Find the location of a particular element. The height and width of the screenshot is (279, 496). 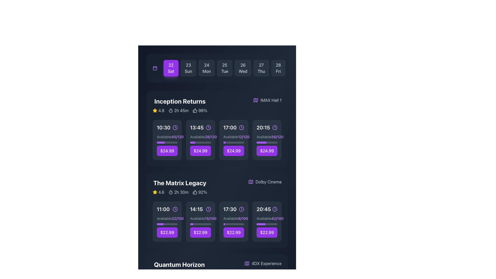

the small, circular clock icon with a purple outline that is positioned to the right of the time '10:30' under the movie 'Inception Returns' is located at coordinates (175, 127).